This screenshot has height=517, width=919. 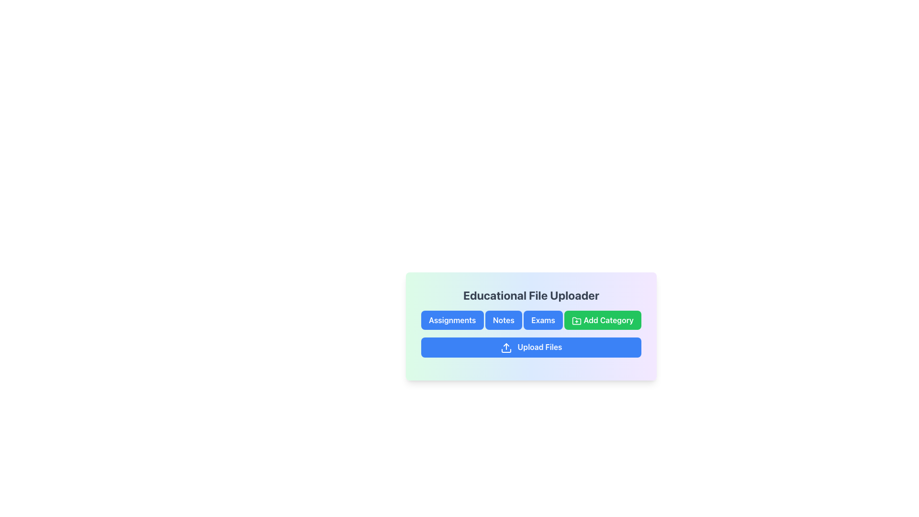 I want to click on the 'Assignments' button located at the top left of the toolbar, which is the first button among four buttons including 'Notes', 'Exams', and 'Add Category', so click(x=452, y=320).